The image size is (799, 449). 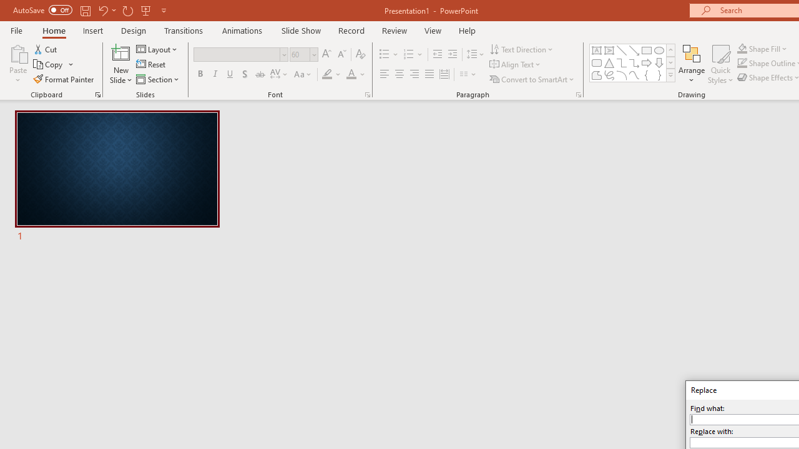 I want to click on 'Line', so click(x=621, y=50).